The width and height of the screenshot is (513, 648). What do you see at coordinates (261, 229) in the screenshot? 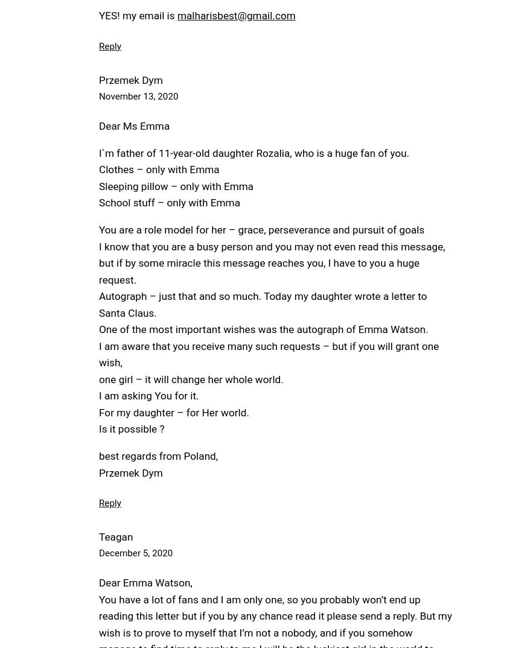
I see `'You are a role model for her – grace, perseverance and pursuit of goals'` at bounding box center [261, 229].